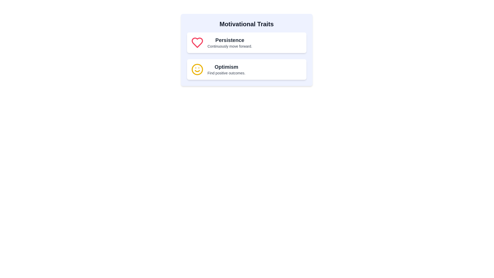  Describe the element at coordinates (197, 42) in the screenshot. I see `the red heart icon located in the first row of the 'Motivational Traits' group, to the left of the text 'Persistence.'` at that location.